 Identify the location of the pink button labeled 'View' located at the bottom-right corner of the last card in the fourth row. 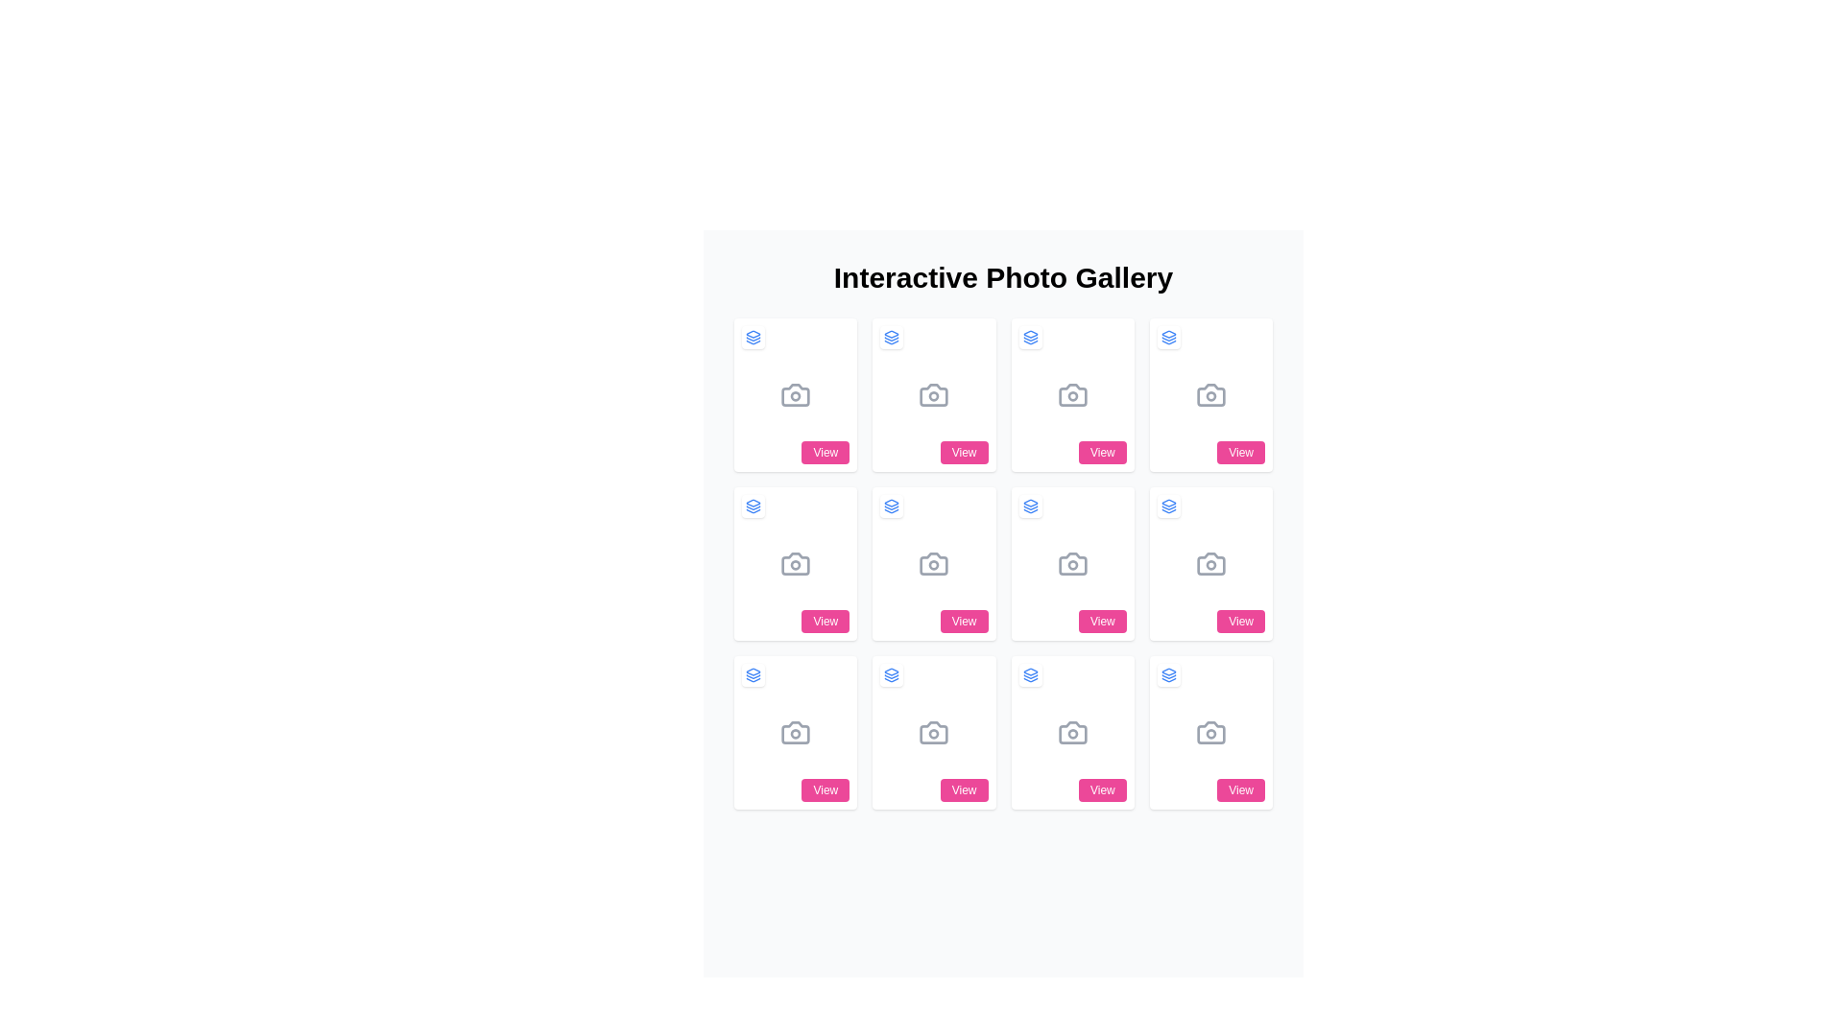
(1102, 790).